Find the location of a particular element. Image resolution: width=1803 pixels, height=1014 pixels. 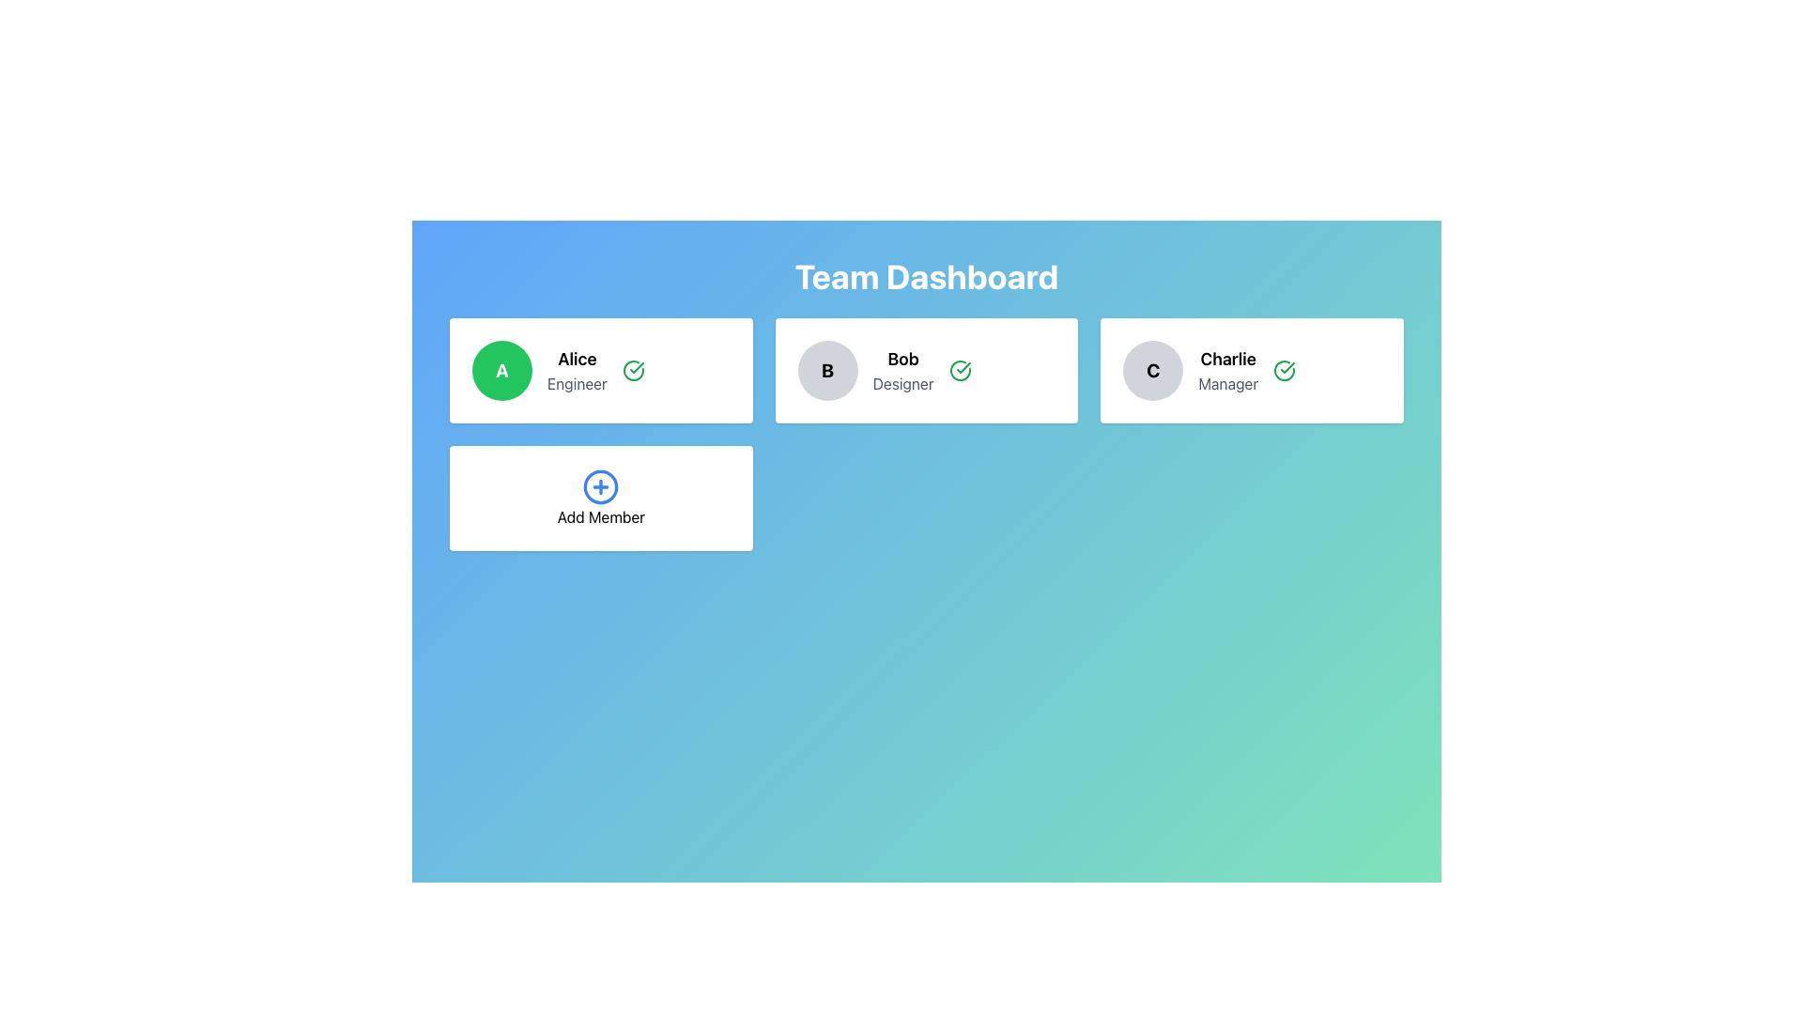

circular icon with a green border and a checkmark in the center, located to the right of the text 'Alice Engineer' within the card for 'Alice' is located at coordinates (633, 370).